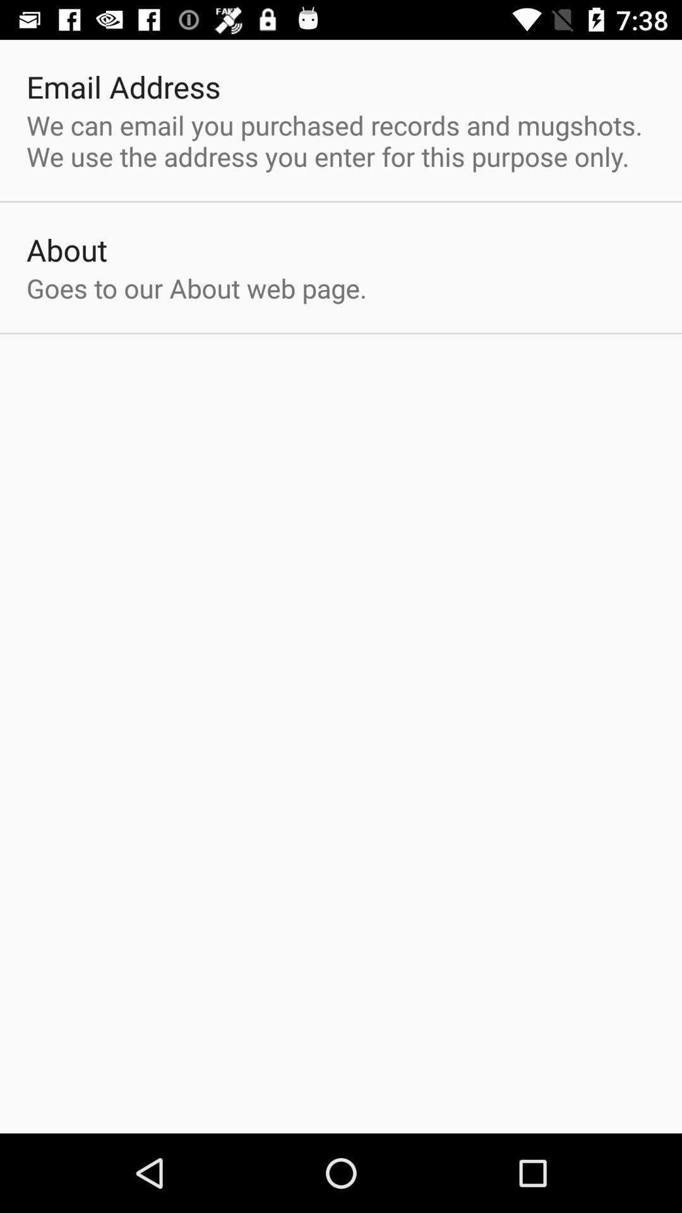 The width and height of the screenshot is (682, 1213). What do you see at coordinates (196, 287) in the screenshot?
I see `app below about icon` at bounding box center [196, 287].